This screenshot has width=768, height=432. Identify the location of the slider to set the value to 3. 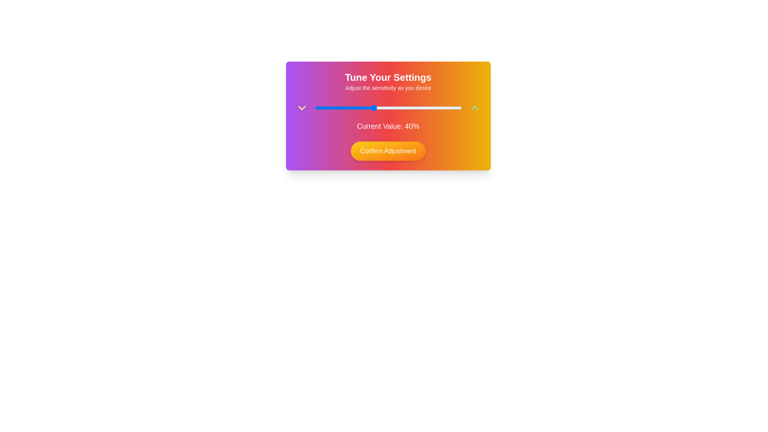
(318, 108).